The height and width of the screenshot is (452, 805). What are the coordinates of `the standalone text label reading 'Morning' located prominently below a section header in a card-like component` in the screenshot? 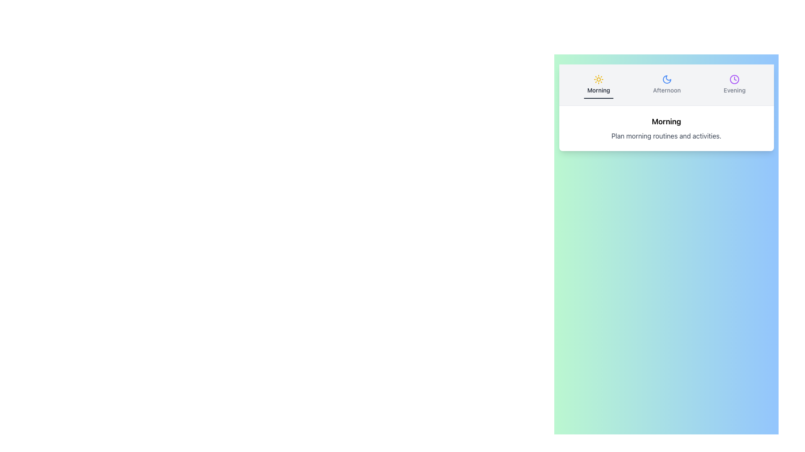 It's located at (666, 121).